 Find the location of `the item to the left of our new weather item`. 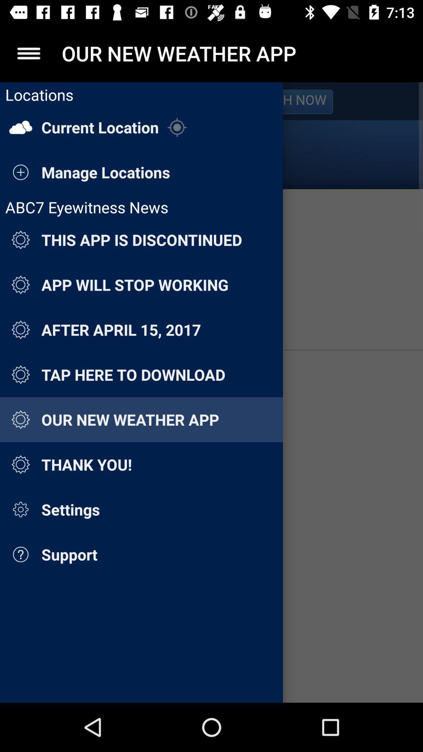

the item to the left of our new weather item is located at coordinates (28, 53).